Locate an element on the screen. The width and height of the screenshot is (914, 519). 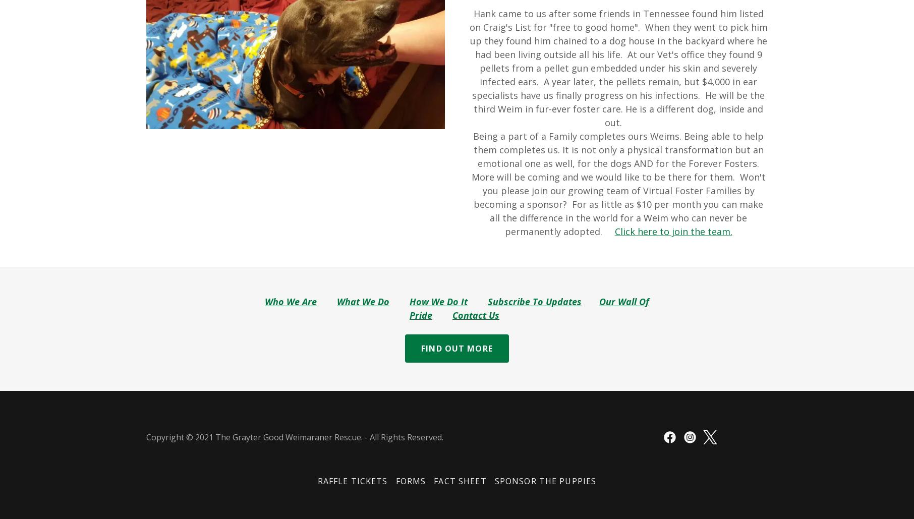
'Our Wall Of Pride' is located at coordinates (528, 308).